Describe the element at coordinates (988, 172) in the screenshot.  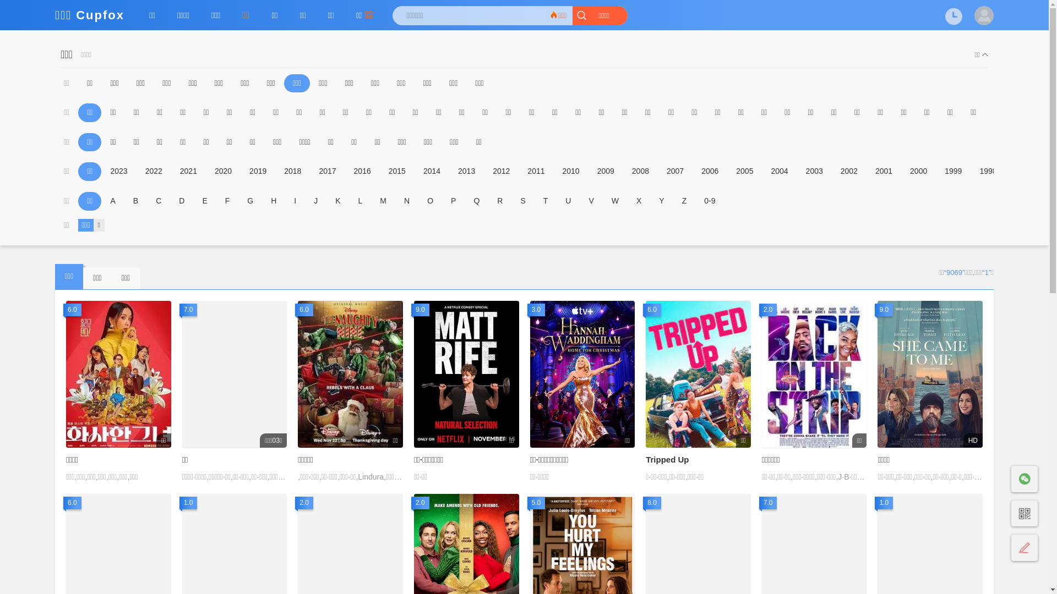
I see `'1998'` at that location.